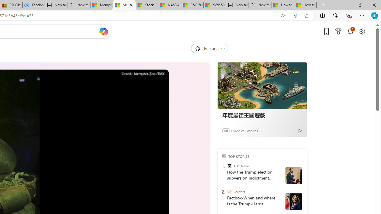 Image resolution: width=381 pixels, height=214 pixels. Describe the element at coordinates (229, 166) in the screenshot. I see `'ABC News'` at that location.